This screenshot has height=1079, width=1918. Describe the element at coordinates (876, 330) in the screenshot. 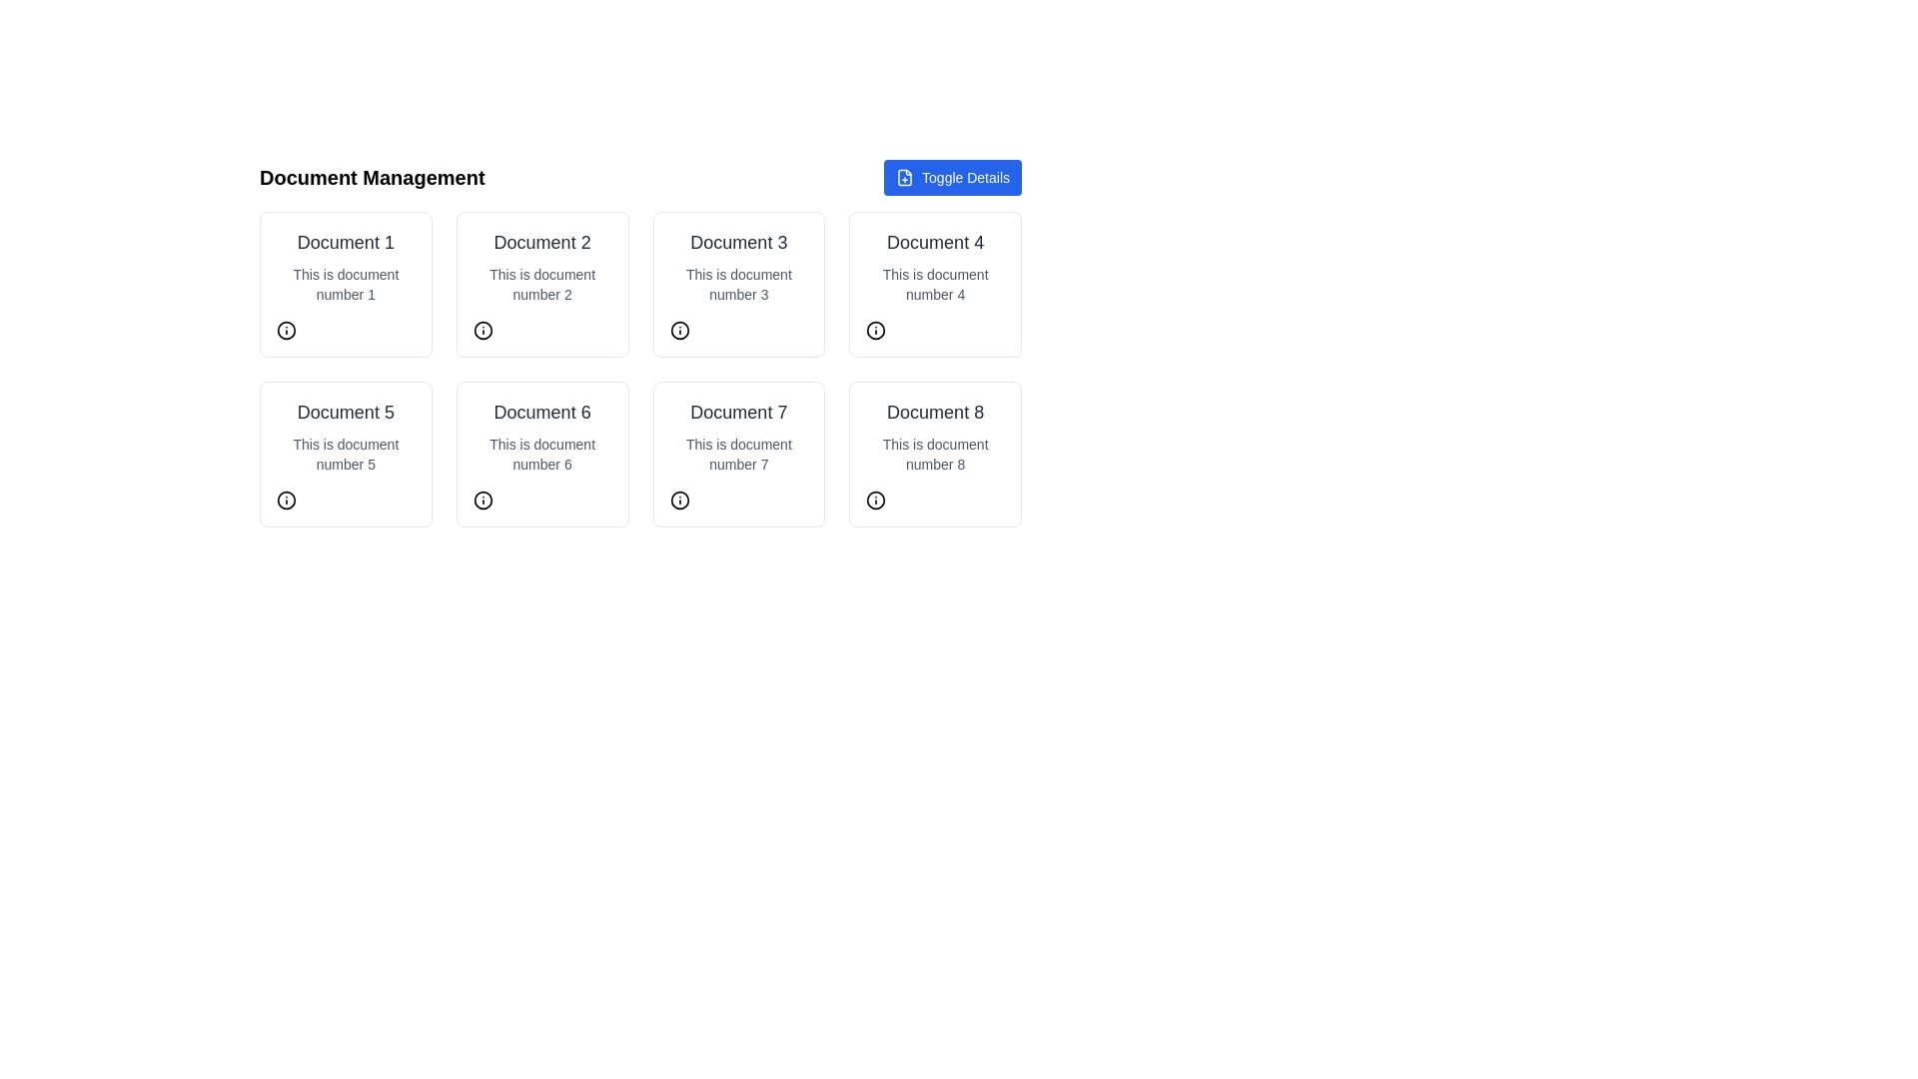

I see `the minimalistic icon styled as a small circle with a vertical line and dot, located at the bottom right of the card for Document 4, which is next to the text 'This is document number 4'` at that location.